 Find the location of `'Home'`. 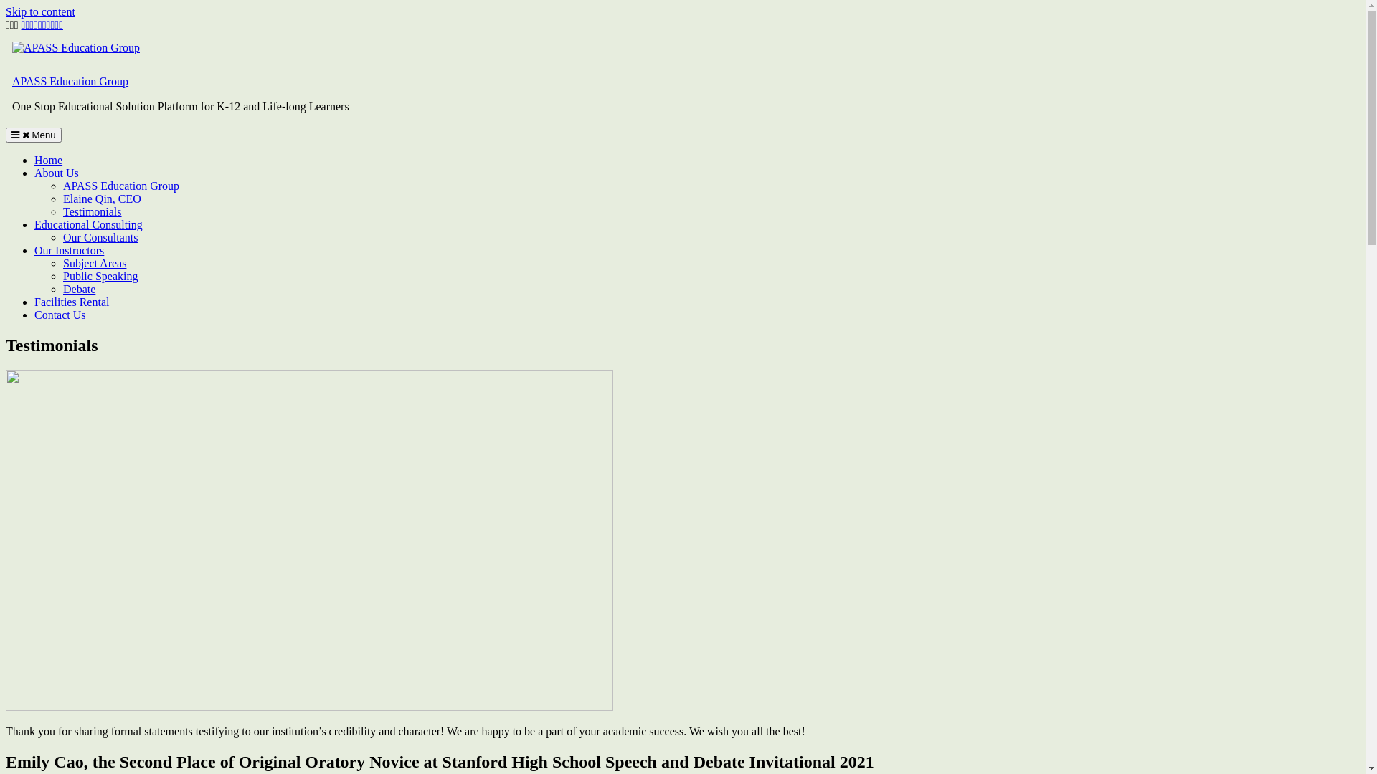

'Home' is located at coordinates (48, 160).